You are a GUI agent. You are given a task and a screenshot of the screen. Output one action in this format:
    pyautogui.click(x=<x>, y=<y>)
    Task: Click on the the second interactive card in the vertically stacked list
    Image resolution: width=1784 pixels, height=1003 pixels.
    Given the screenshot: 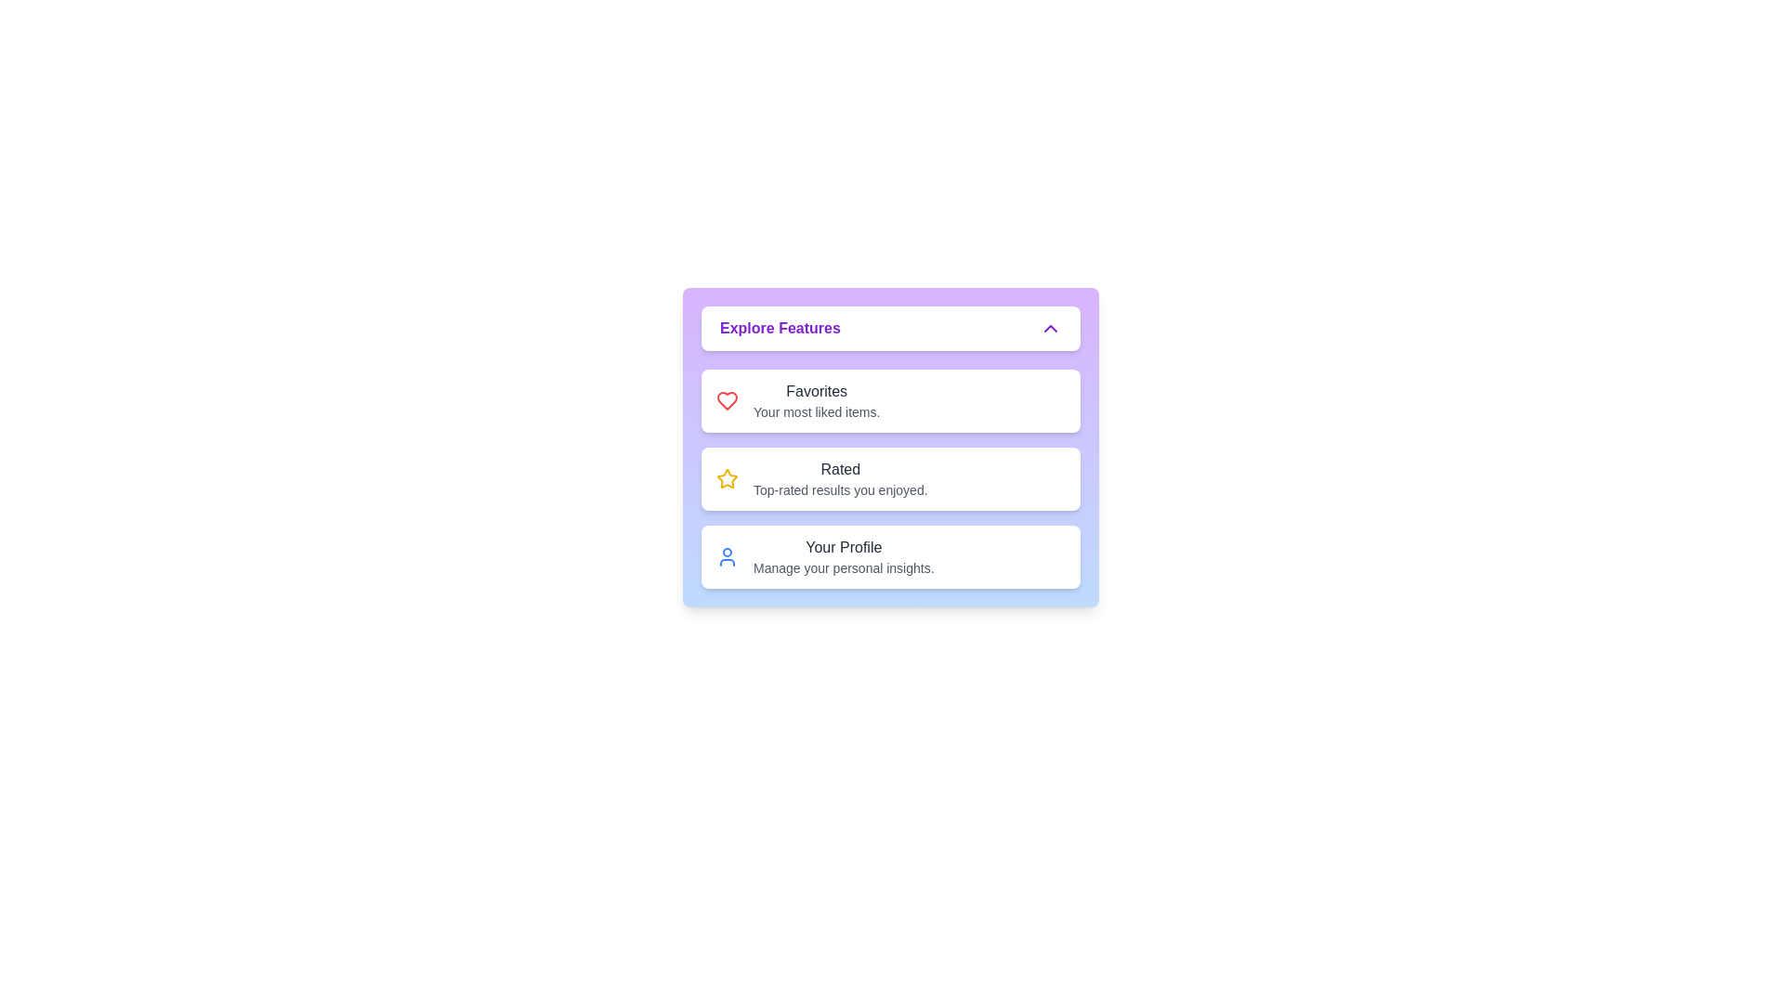 What is the action you would take?
    pyautogui.click(x=890, y=448)
    